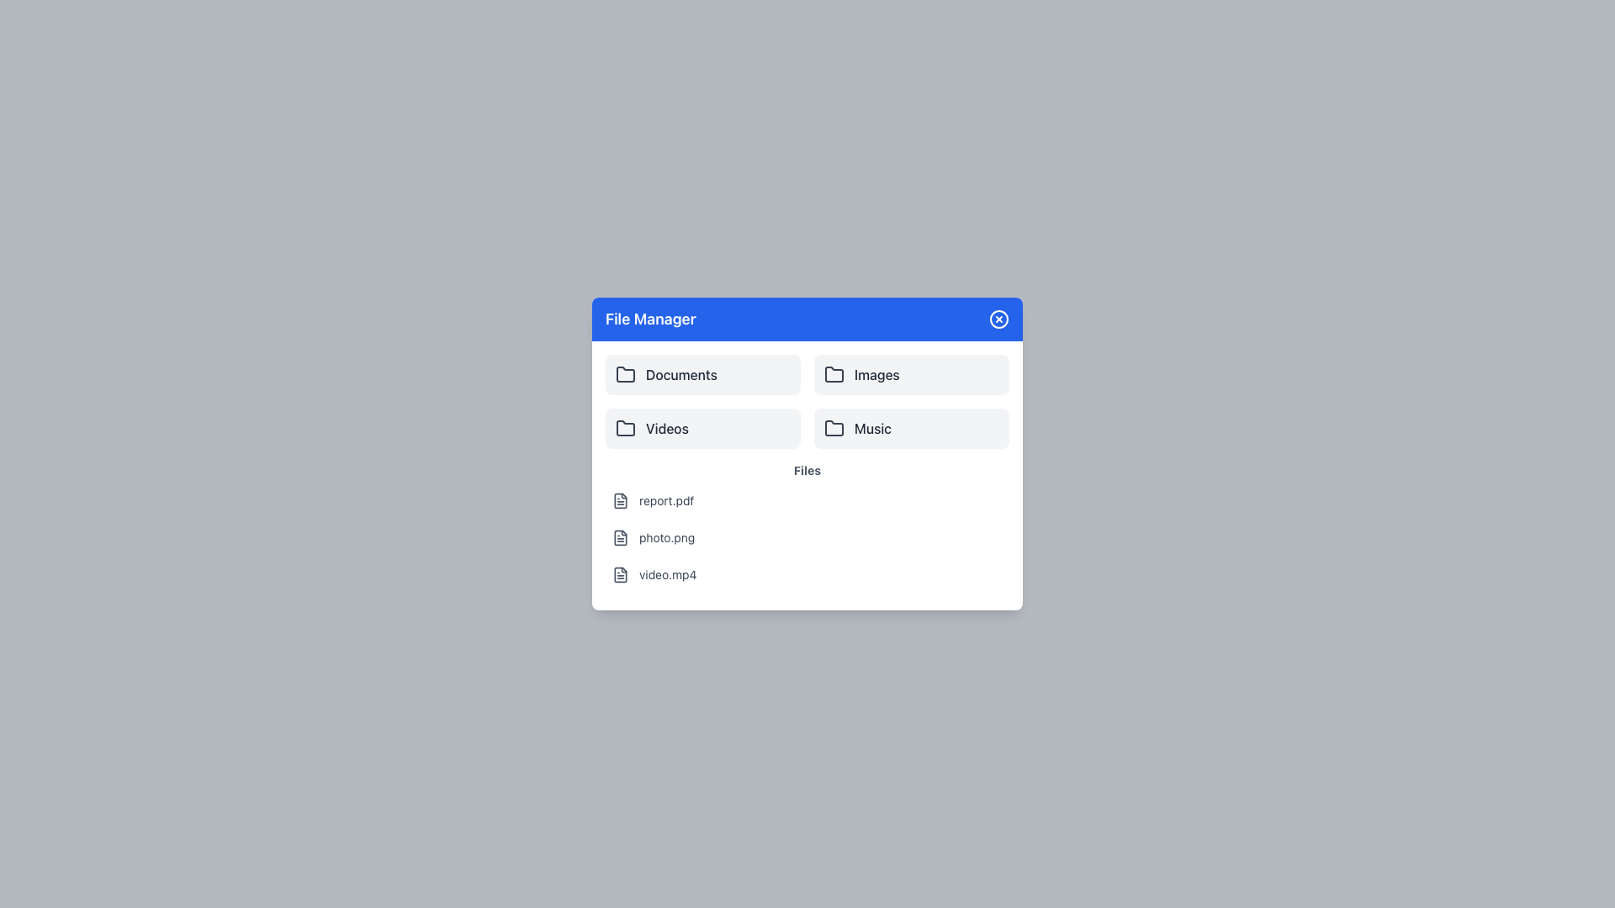  Describe the element at coordinates (665, 500) in the screenshot. I see `the text label displaying the file name 'report.pdf' in the 'File Manager' dialog box, which is the first file item in the list` at that location.